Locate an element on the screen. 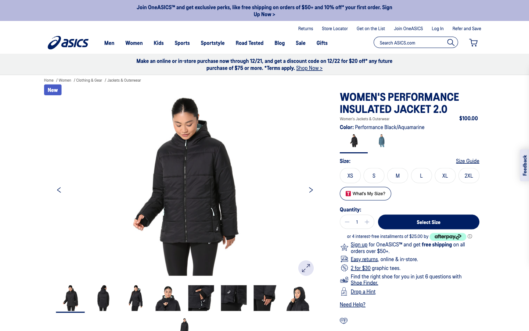  Zoom in the picture for a detailed examination of the clothes is located at coordinates (306, 268).